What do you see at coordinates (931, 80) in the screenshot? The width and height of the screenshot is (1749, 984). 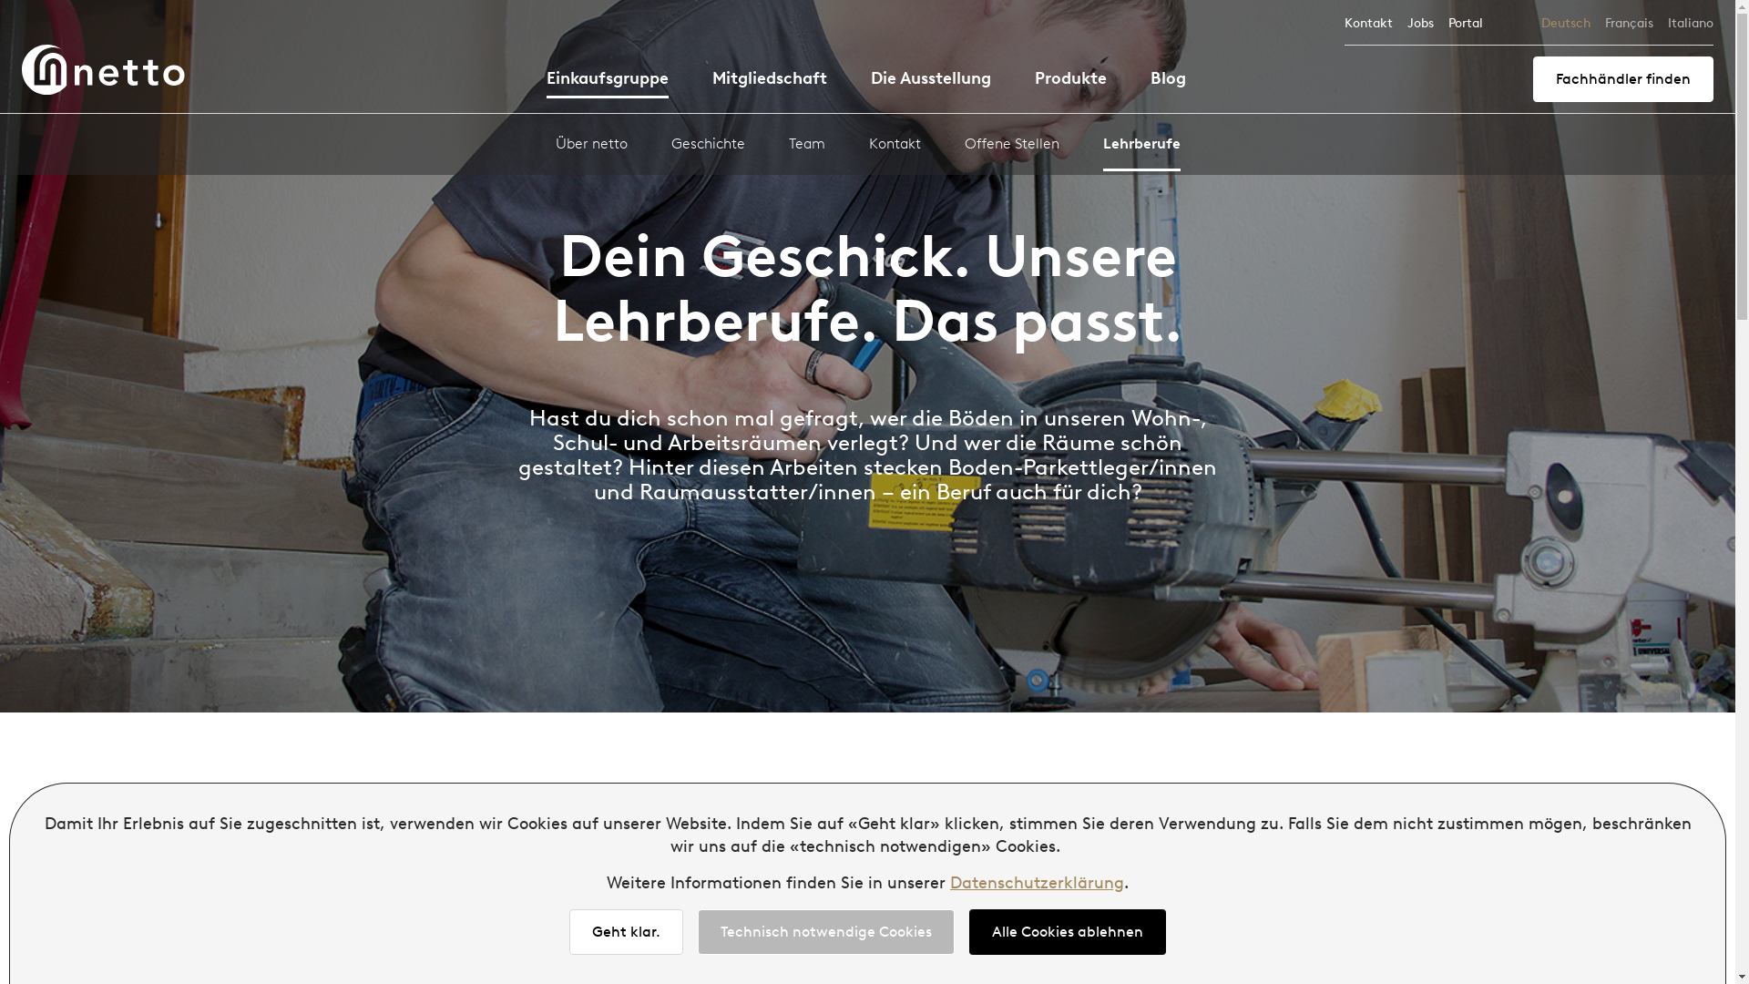 I see `'Die Ausstellung'` at bounding box center [931, 80].